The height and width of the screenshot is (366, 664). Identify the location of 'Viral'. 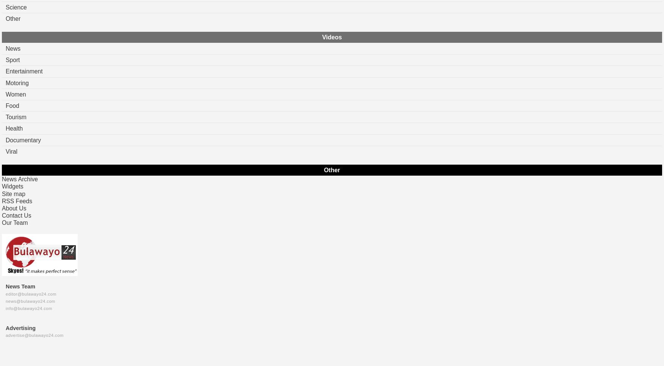
(11, 151).